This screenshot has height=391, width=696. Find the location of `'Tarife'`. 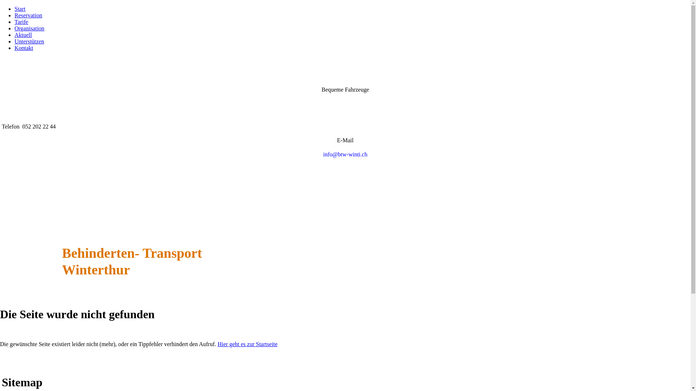

'Tarife' is located at coordinates (21, 21).